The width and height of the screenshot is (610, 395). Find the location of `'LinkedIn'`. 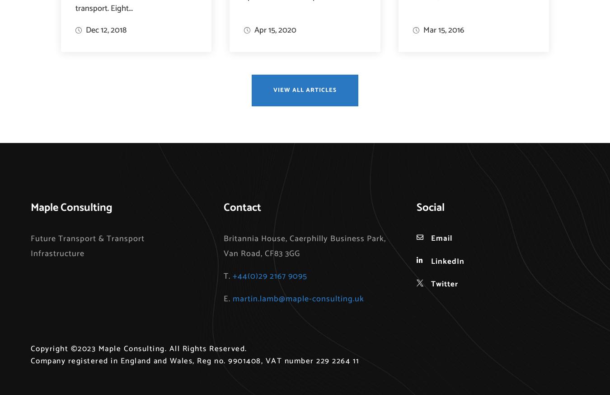

'LinkedIn' is located at coordinates (431, 260).